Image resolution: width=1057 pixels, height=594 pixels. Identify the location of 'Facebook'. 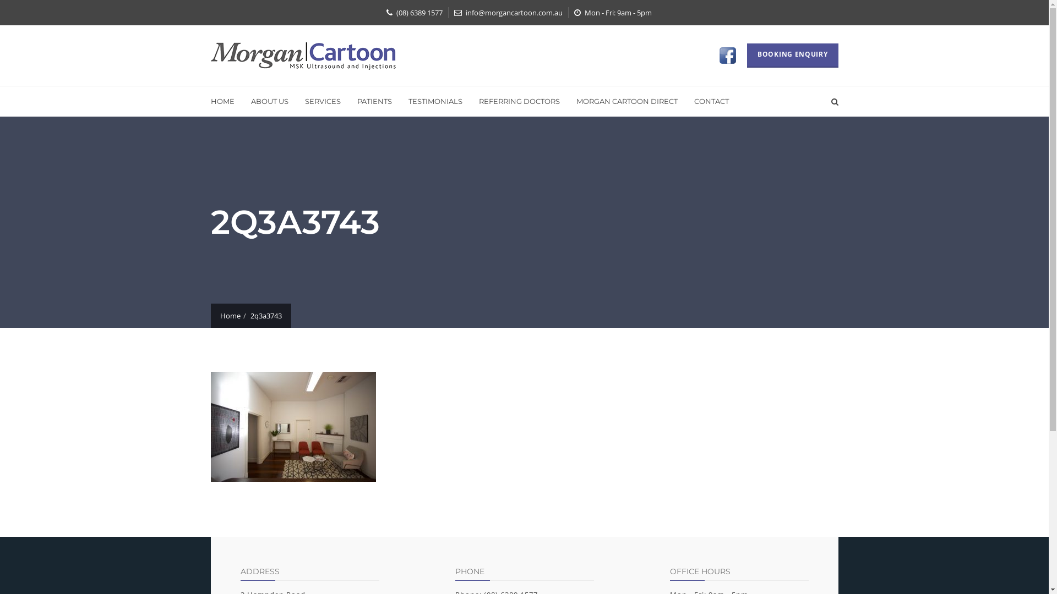
(729, 56).